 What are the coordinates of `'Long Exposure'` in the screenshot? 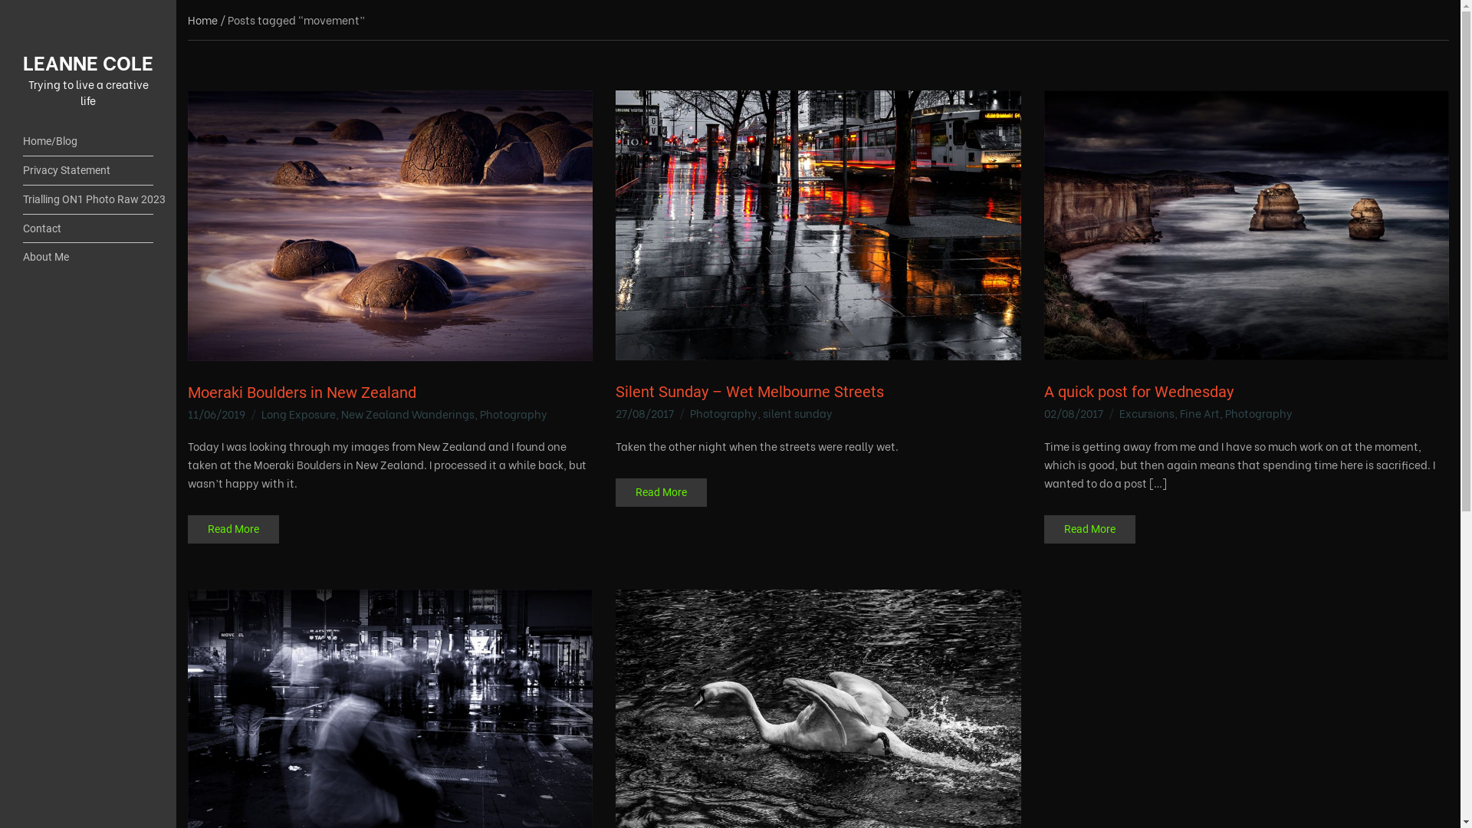 It's located at (298, 412).